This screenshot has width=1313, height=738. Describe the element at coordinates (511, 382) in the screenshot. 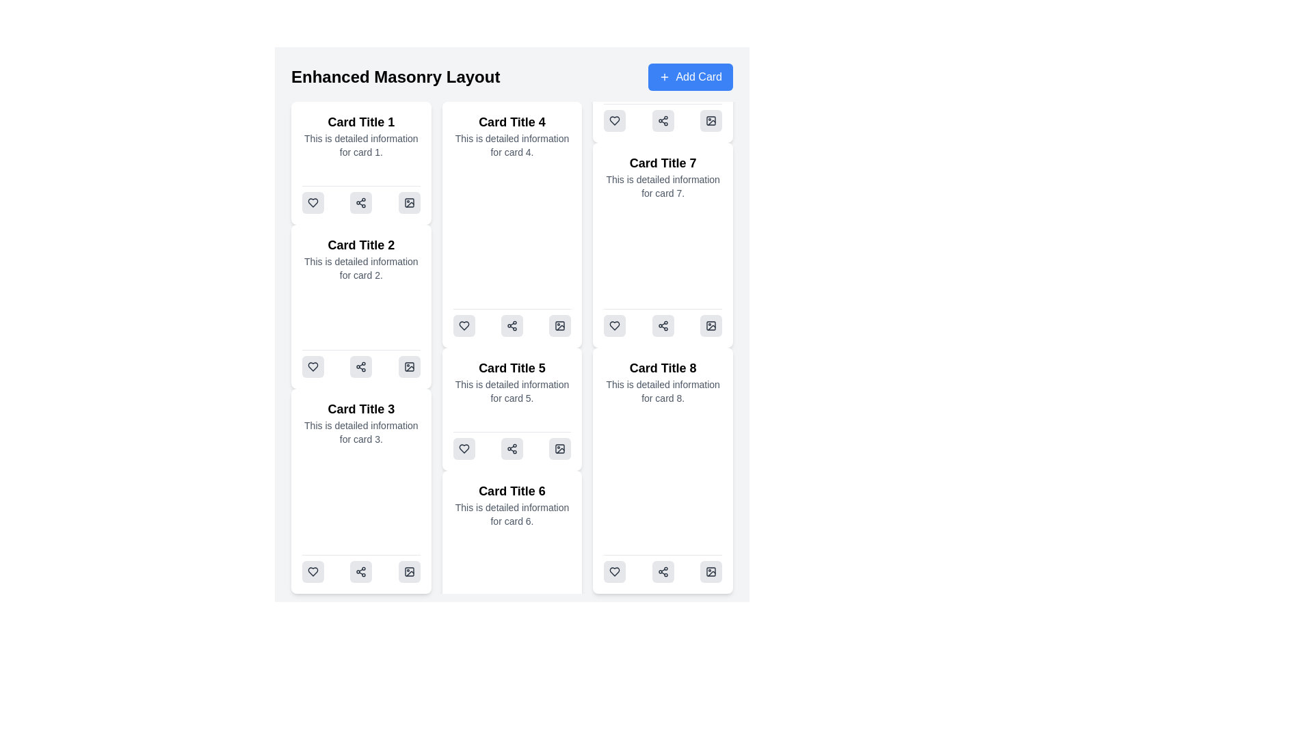

I see `text content of the composite text component that provides information about 'Card 5', located in the second column and second row of the grid layout, positioned below 'Card Title 4' and above 'Card Title 6'` at that location.